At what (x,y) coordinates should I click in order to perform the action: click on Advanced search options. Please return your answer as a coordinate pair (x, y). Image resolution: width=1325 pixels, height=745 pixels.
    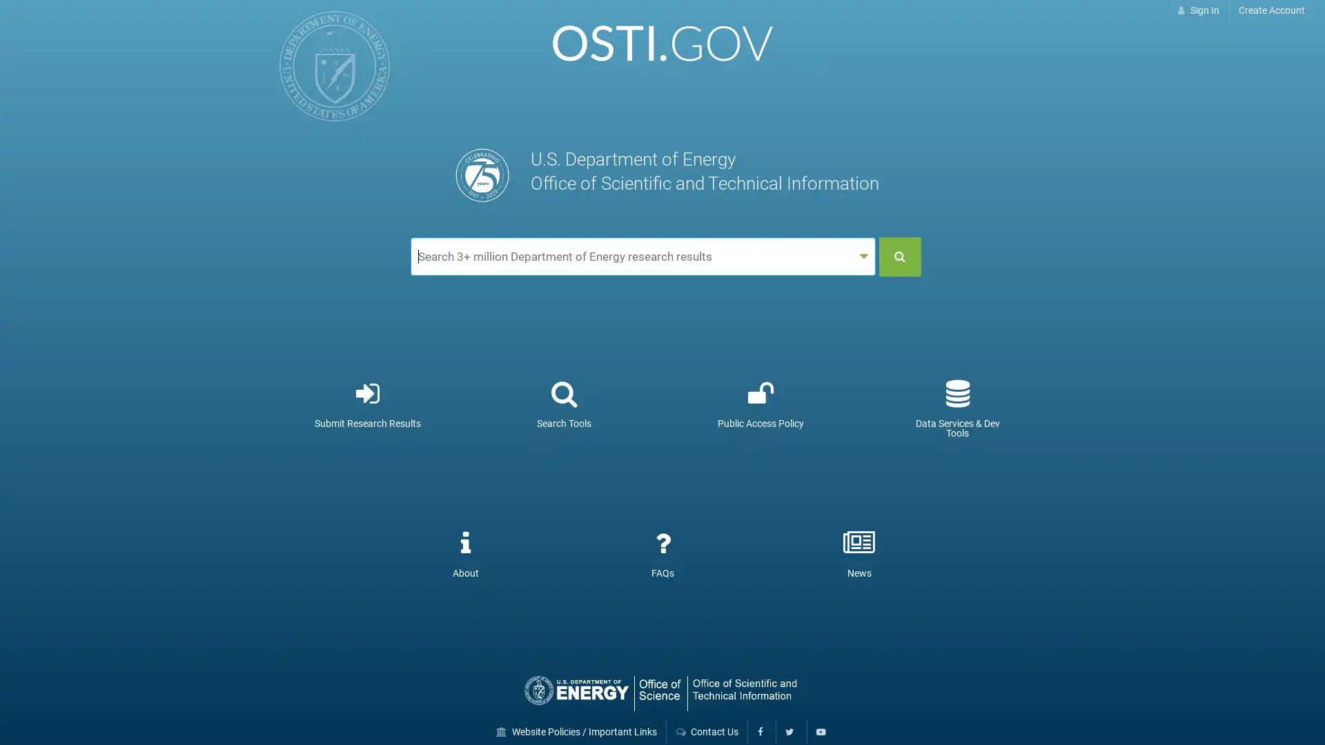
    Looking at the image, I should click on (863, 257).